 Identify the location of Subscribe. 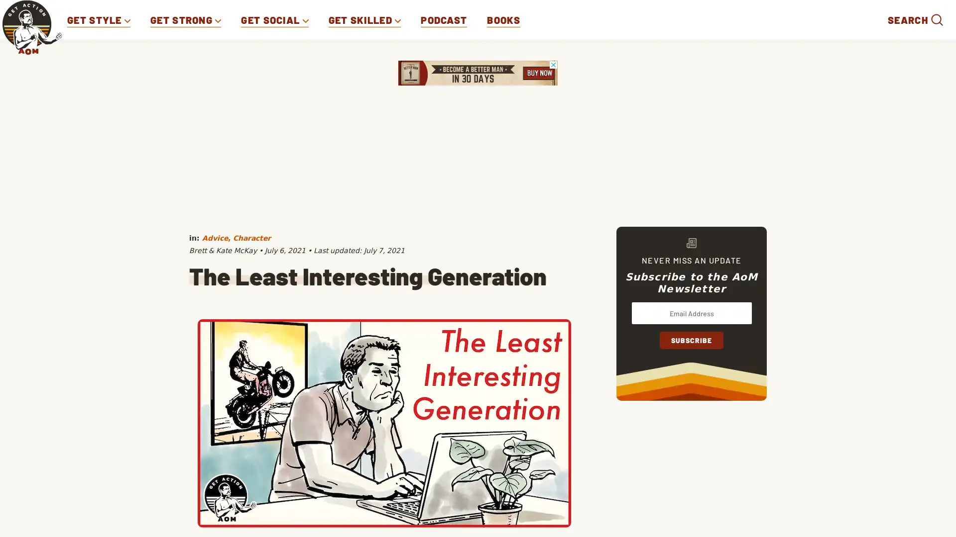
(691, 340).